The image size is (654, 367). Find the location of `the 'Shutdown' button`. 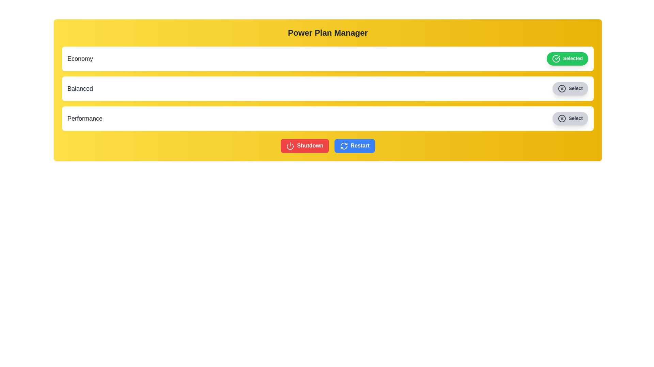

the 'Shutdown' button is located at coordinates (304, 145).